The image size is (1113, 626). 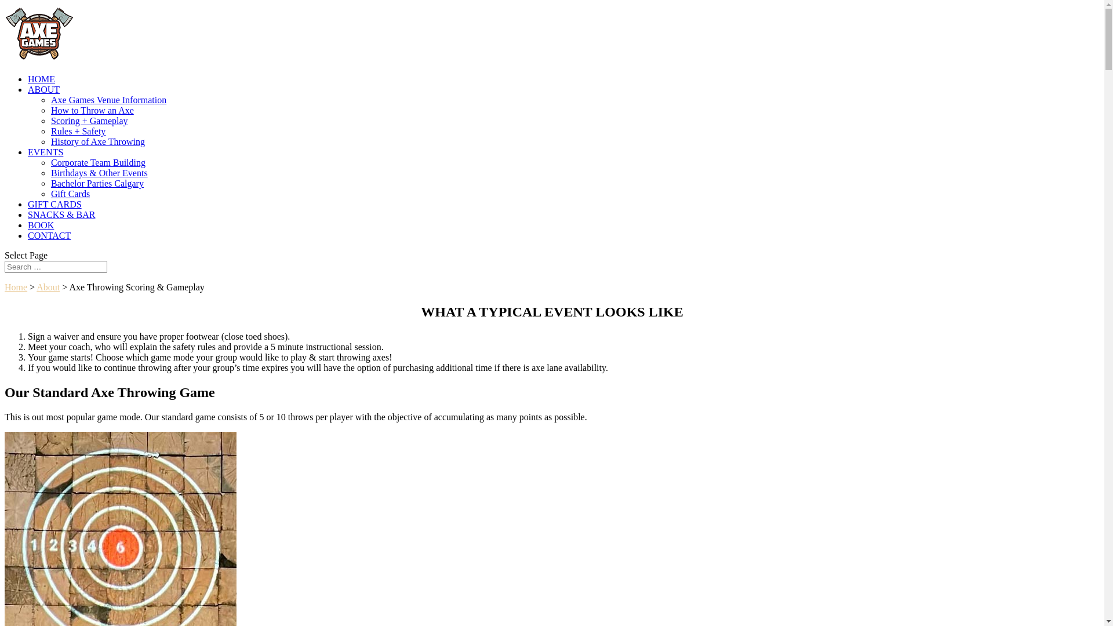 I want to click on 'Scoring + Gameplay', so click(x=89, y=121).